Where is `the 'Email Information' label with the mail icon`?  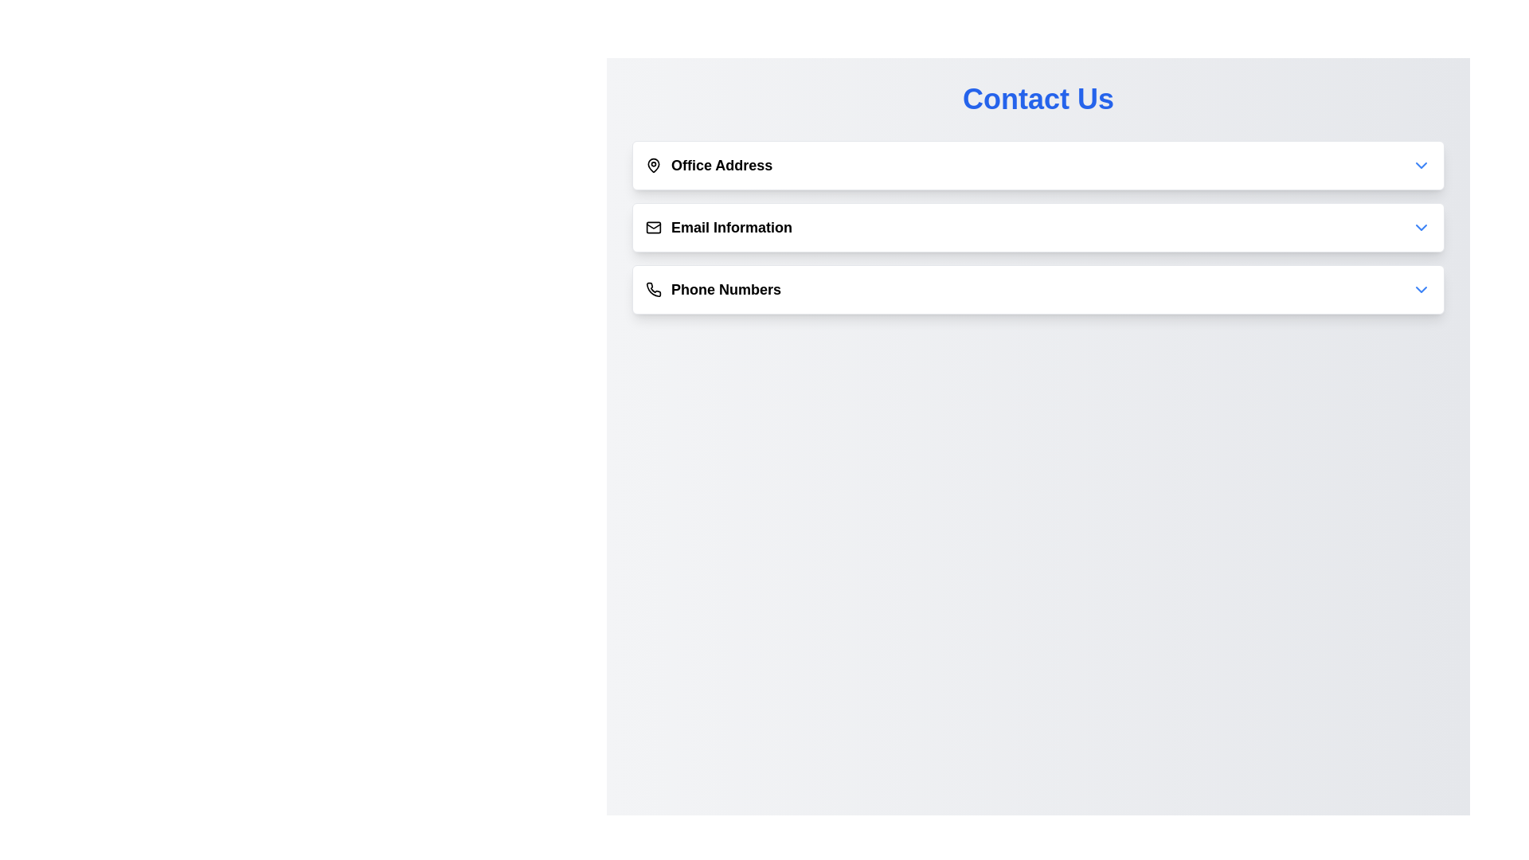 the 'Email Information' label with the mail icon is located at coordinates (718, 227).